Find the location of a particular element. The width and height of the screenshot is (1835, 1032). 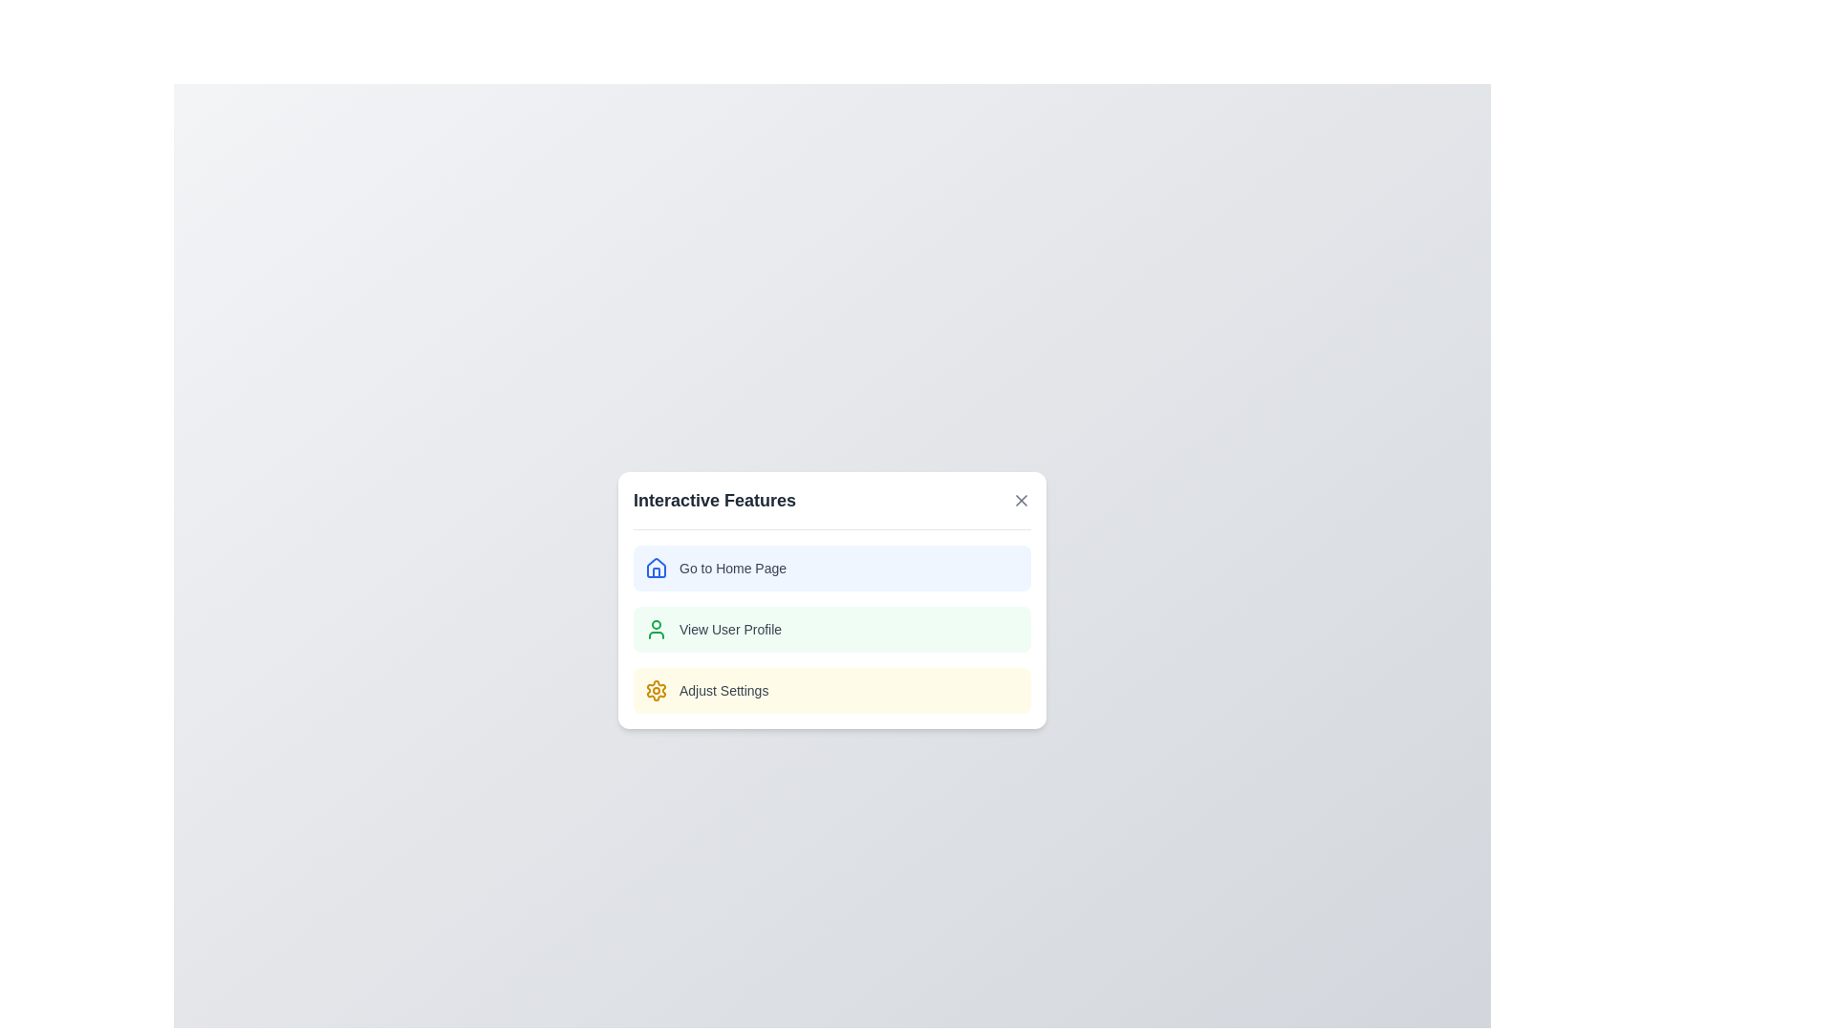

the user profile icon, which is a green circular head atop a curved line representing shoulders, located in the 'View User Profile' section to the left of the text label is located at coordinates (656, 629).